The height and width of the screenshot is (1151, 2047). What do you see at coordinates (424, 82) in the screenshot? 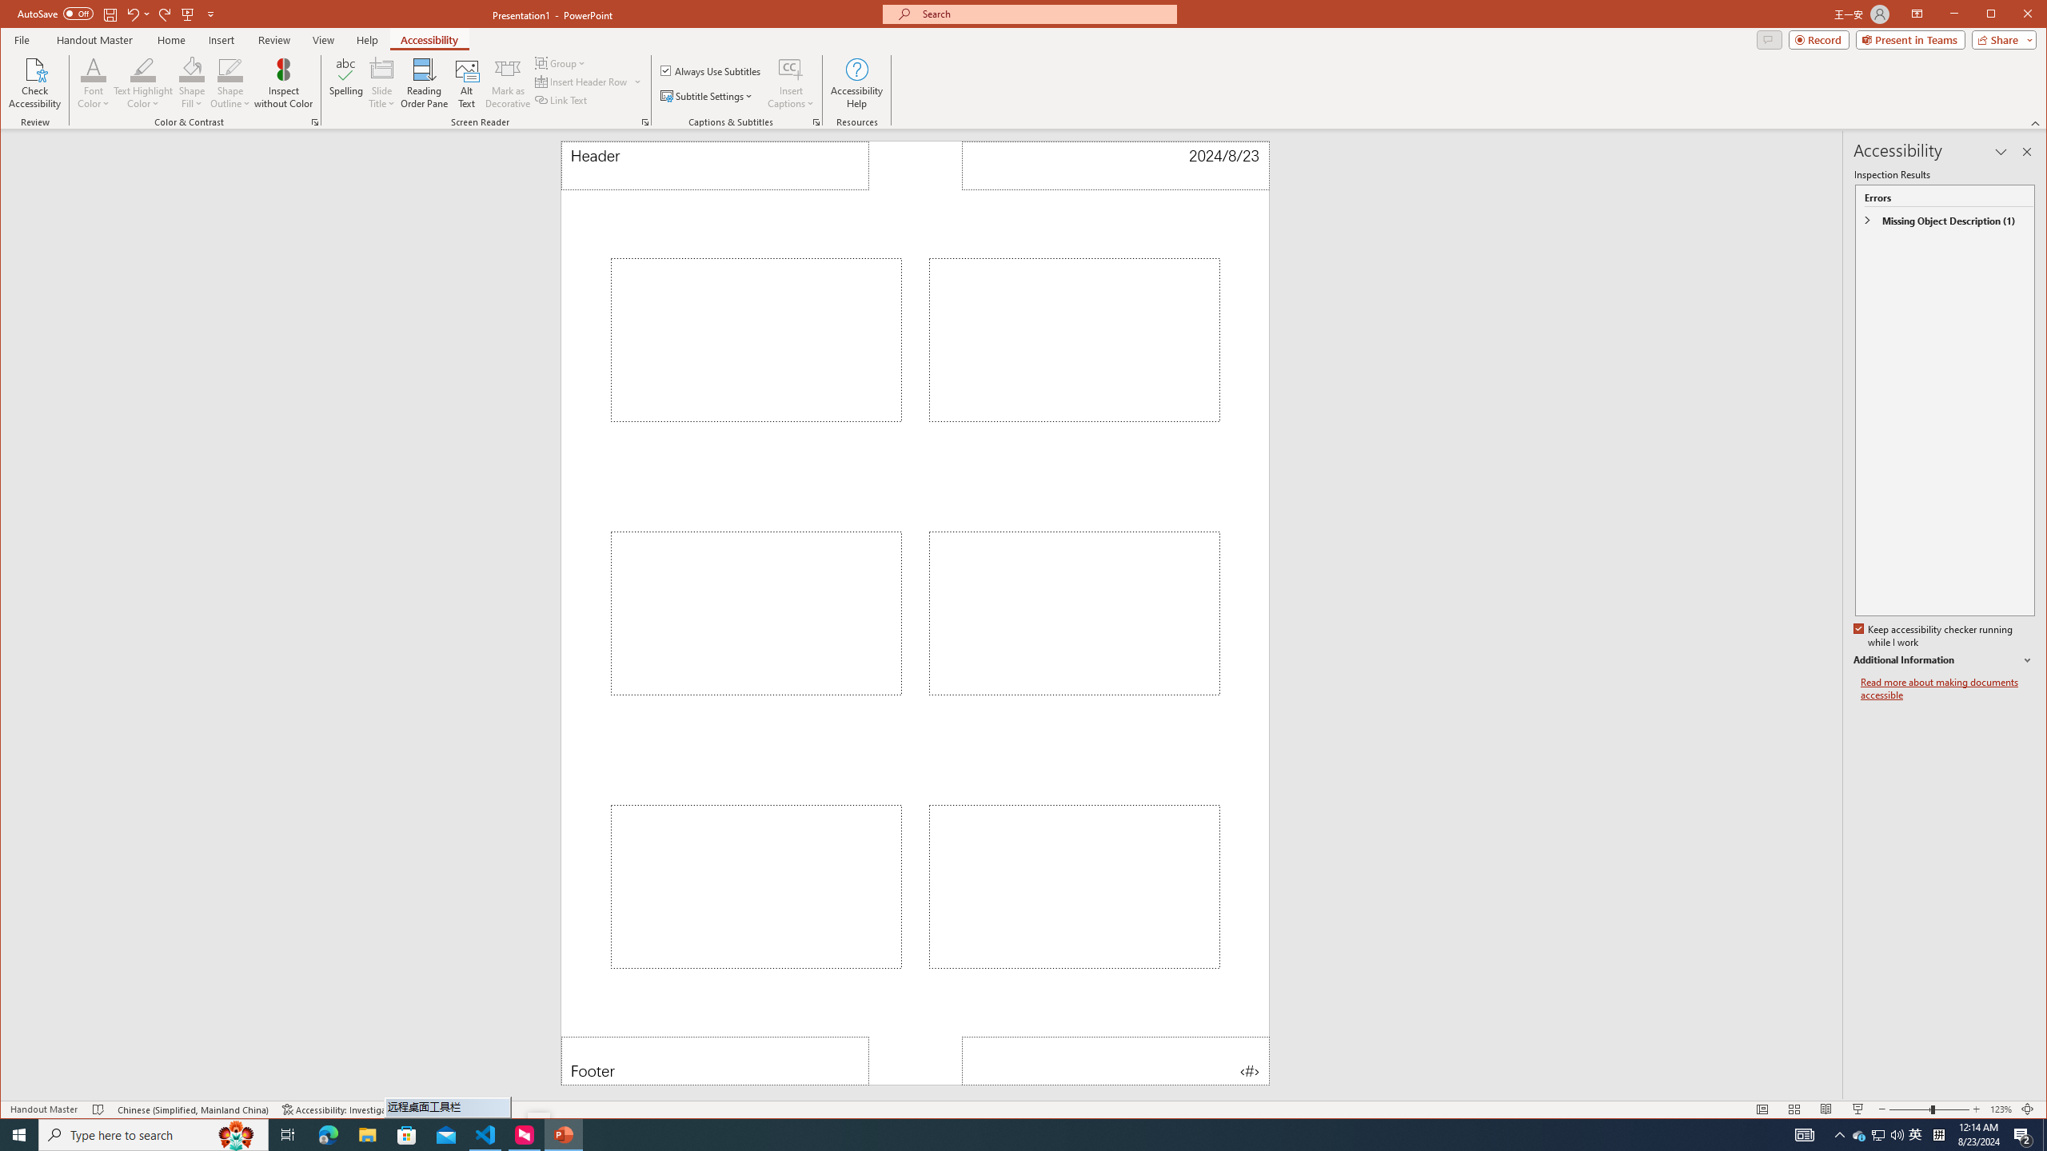
I see `'Reading Order Pane'` at bounding box center [424, 82].